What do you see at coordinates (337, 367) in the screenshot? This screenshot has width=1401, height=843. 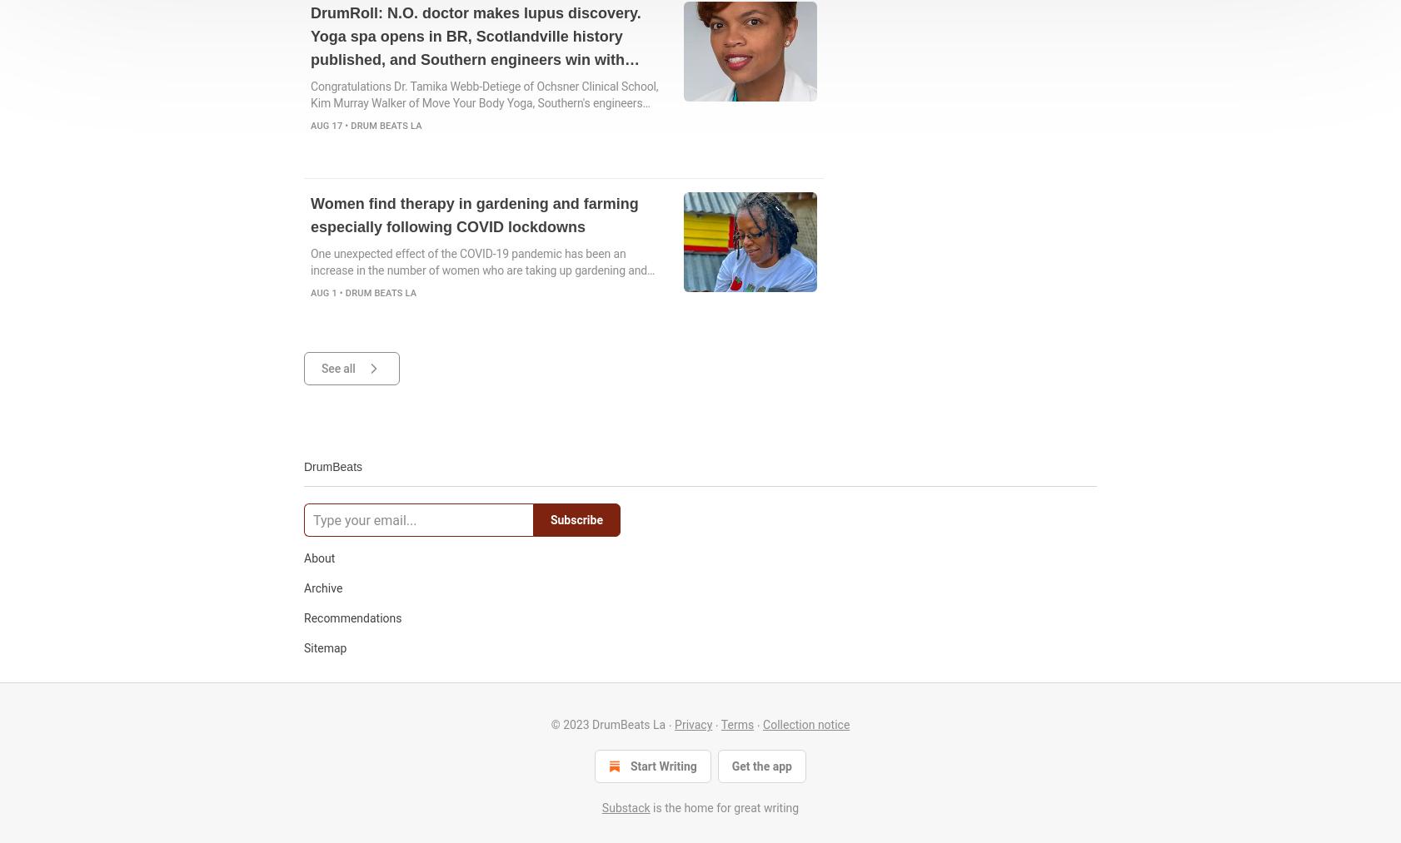 I see `'See all'` at bounding box center [337, 367].